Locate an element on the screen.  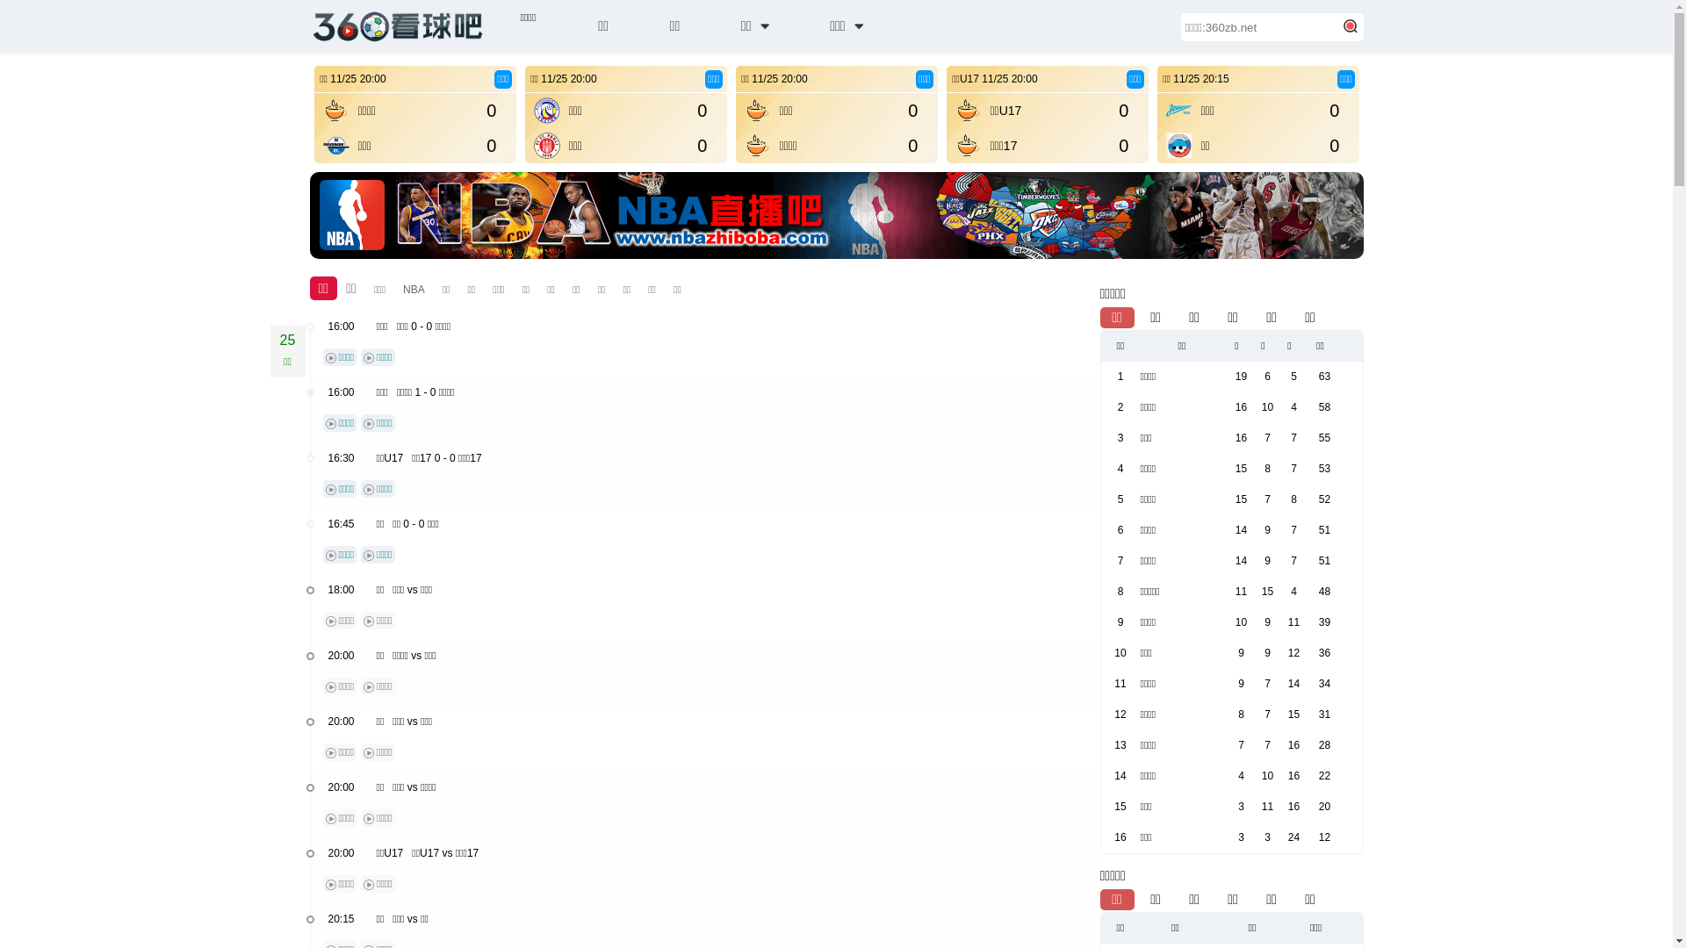
'NBA' is located at coordinates (413, 289).